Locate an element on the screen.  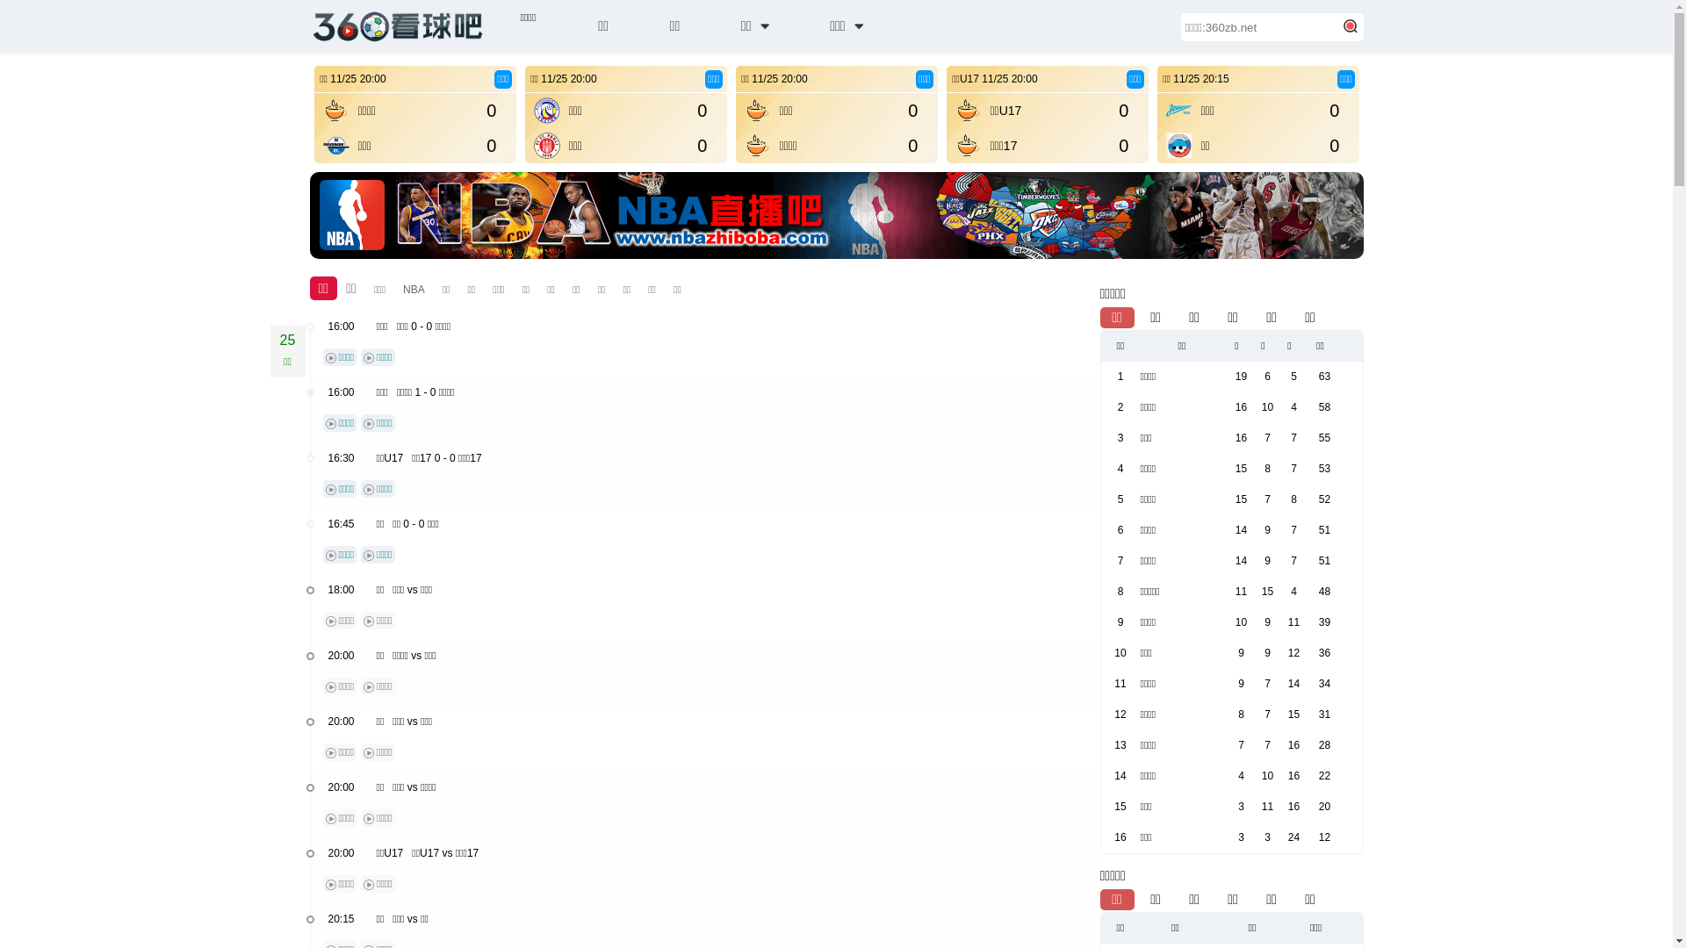
'NBA' is located at coordinates (413, 289).